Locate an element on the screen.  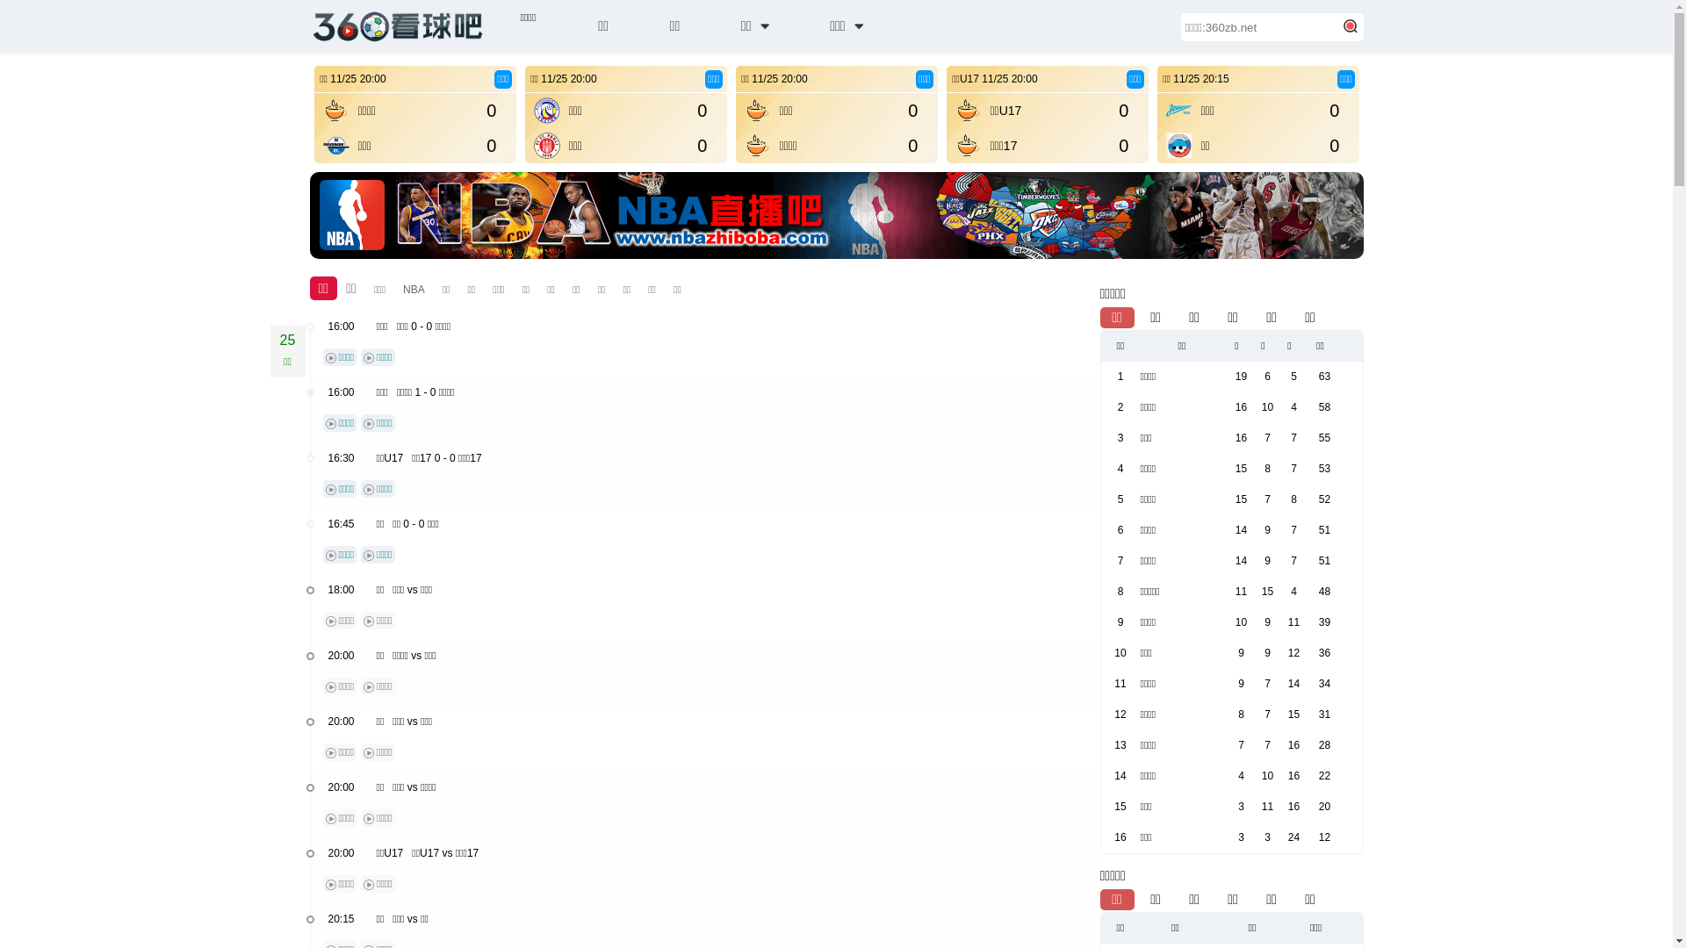
'NBA' is located at coordinates (413, 289).